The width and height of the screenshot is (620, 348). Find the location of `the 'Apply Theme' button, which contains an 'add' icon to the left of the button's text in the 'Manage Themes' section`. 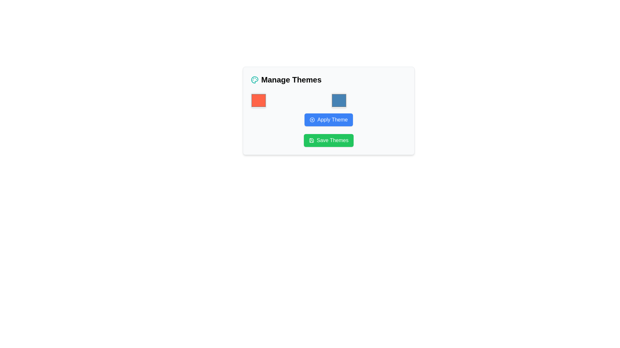

the 'Apply Theme' button, which contains an 'add' icon to the left of the button's text in the 'Manage Themes' section is located at coordinates (312, 120).